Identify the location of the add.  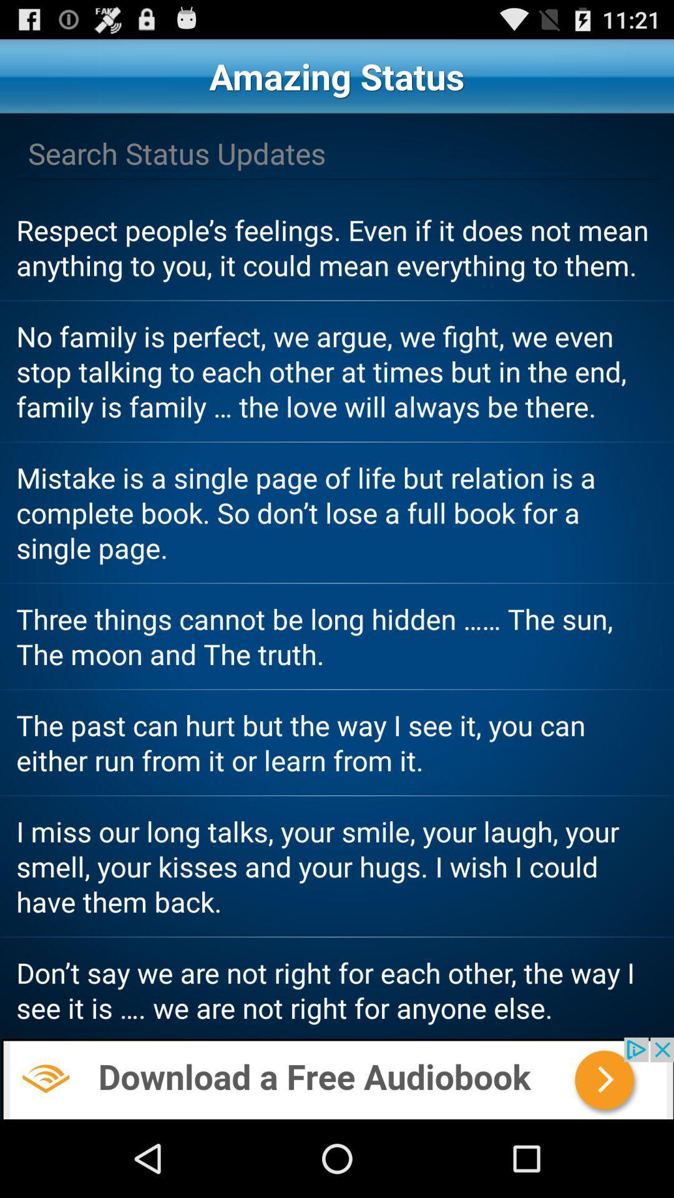
(337, 1078).